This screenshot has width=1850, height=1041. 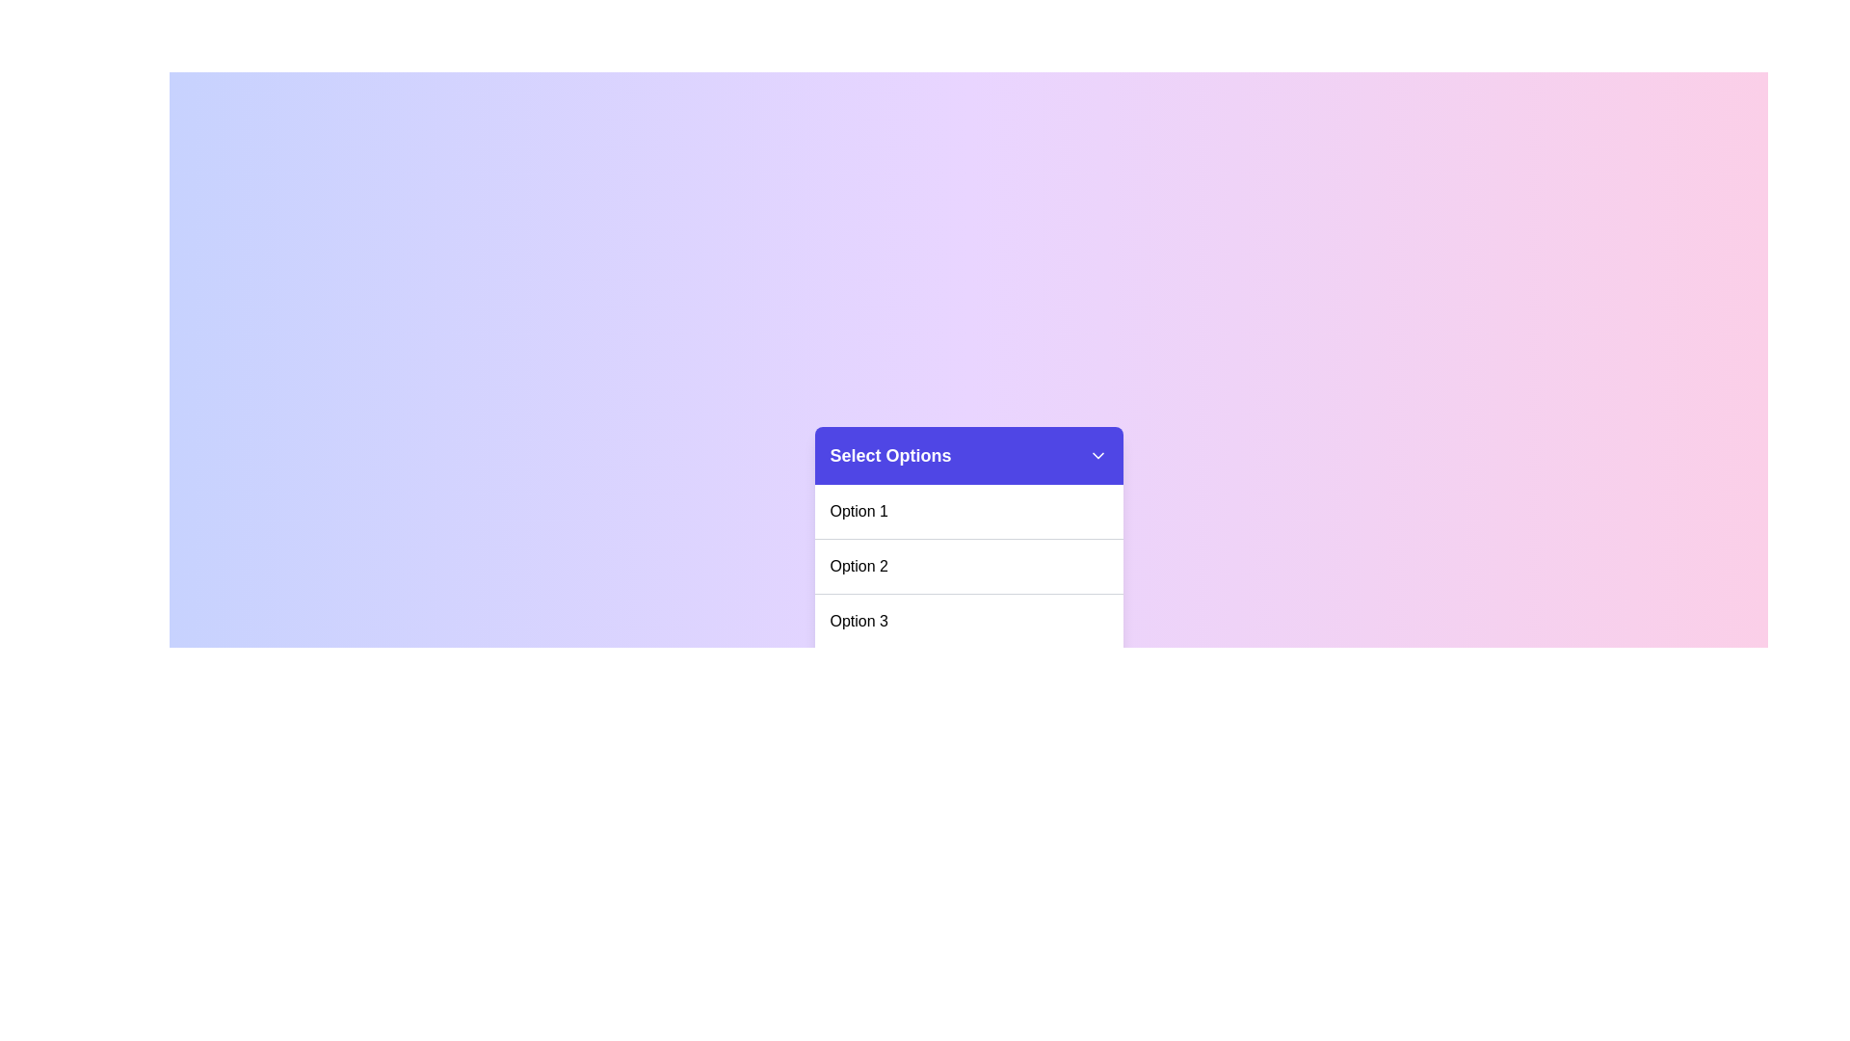 I want to click on the List item labeled 'Option 3' within the dropdown menu, so click(x=968, y=621).